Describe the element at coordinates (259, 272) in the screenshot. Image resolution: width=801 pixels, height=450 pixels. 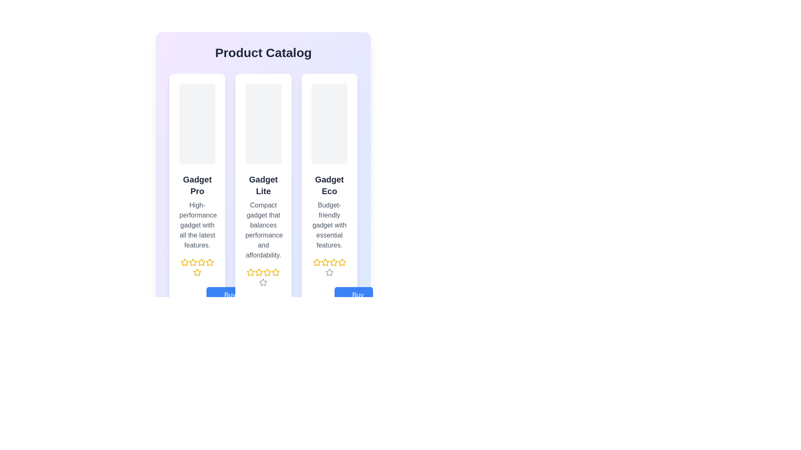
I see `the second star icon in the five-star rating system` at that location.